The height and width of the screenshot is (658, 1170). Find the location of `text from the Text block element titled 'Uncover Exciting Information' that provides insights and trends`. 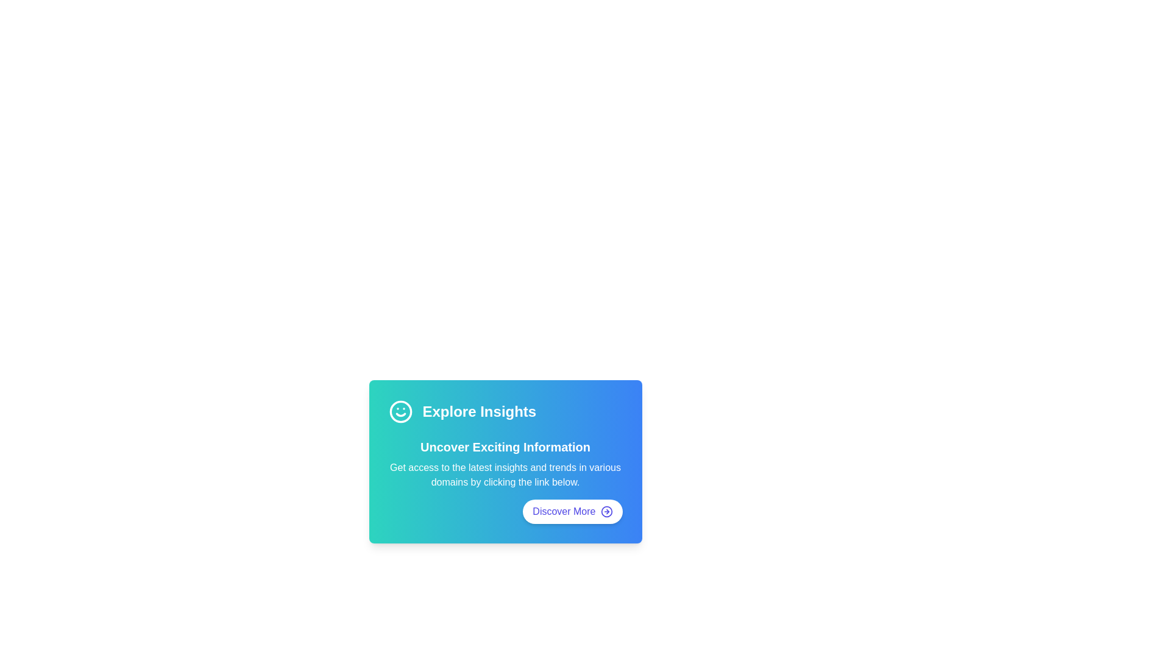

text from the Text block element titled 'Uncover Exciting Information' that provides insights and trends is located at coordinates (505, 464).